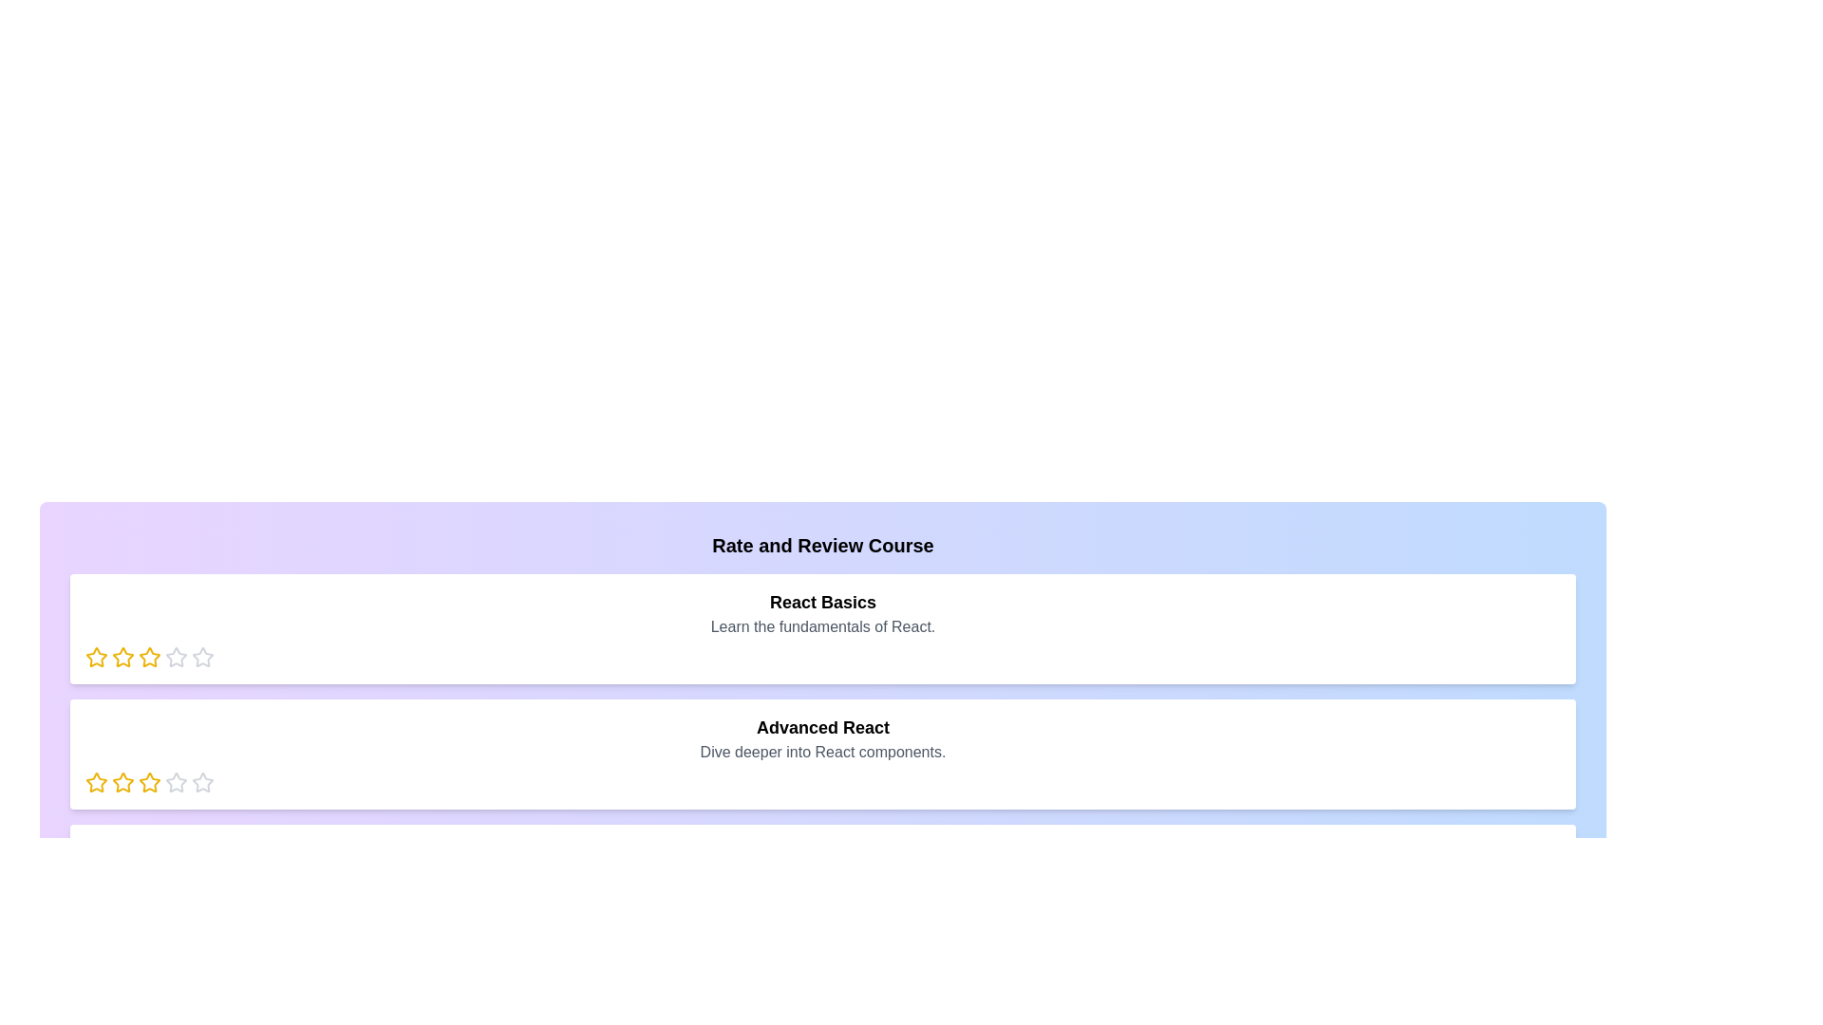  I want to click on the third yellow star-shaped rating icon in the top review section, so click(122, 657).